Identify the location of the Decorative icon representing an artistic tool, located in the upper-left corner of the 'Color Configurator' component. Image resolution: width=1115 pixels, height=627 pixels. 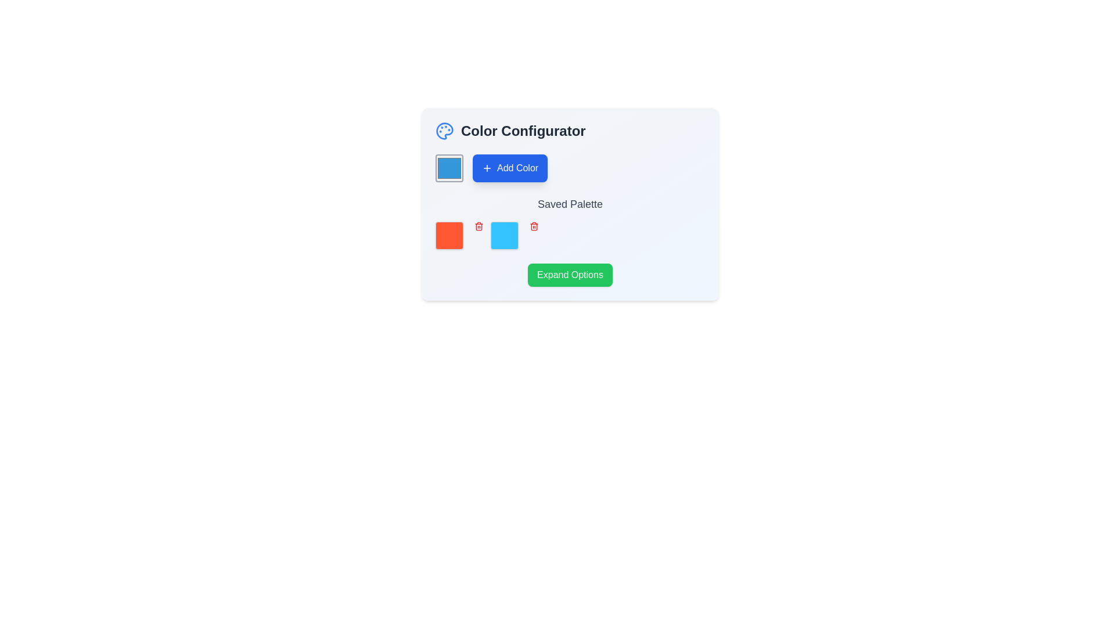
(444, 131).